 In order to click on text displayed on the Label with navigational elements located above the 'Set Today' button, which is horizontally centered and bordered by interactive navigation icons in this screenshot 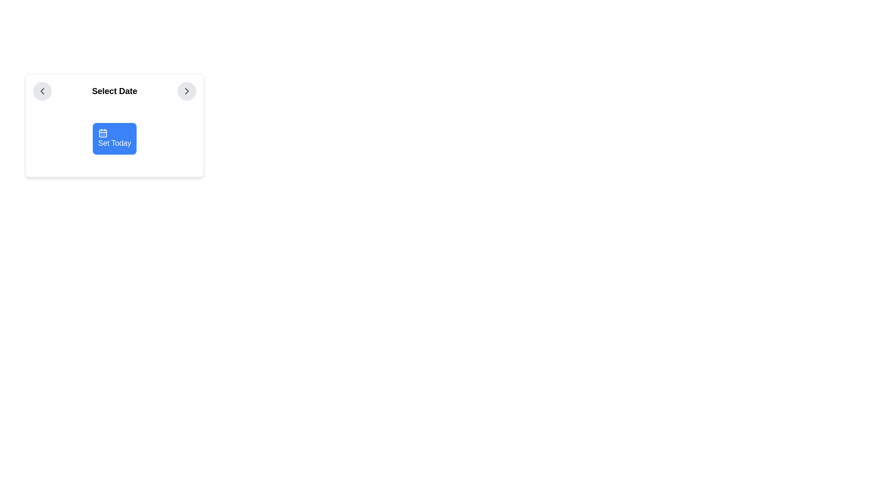, I will do `click(114, 91)`.